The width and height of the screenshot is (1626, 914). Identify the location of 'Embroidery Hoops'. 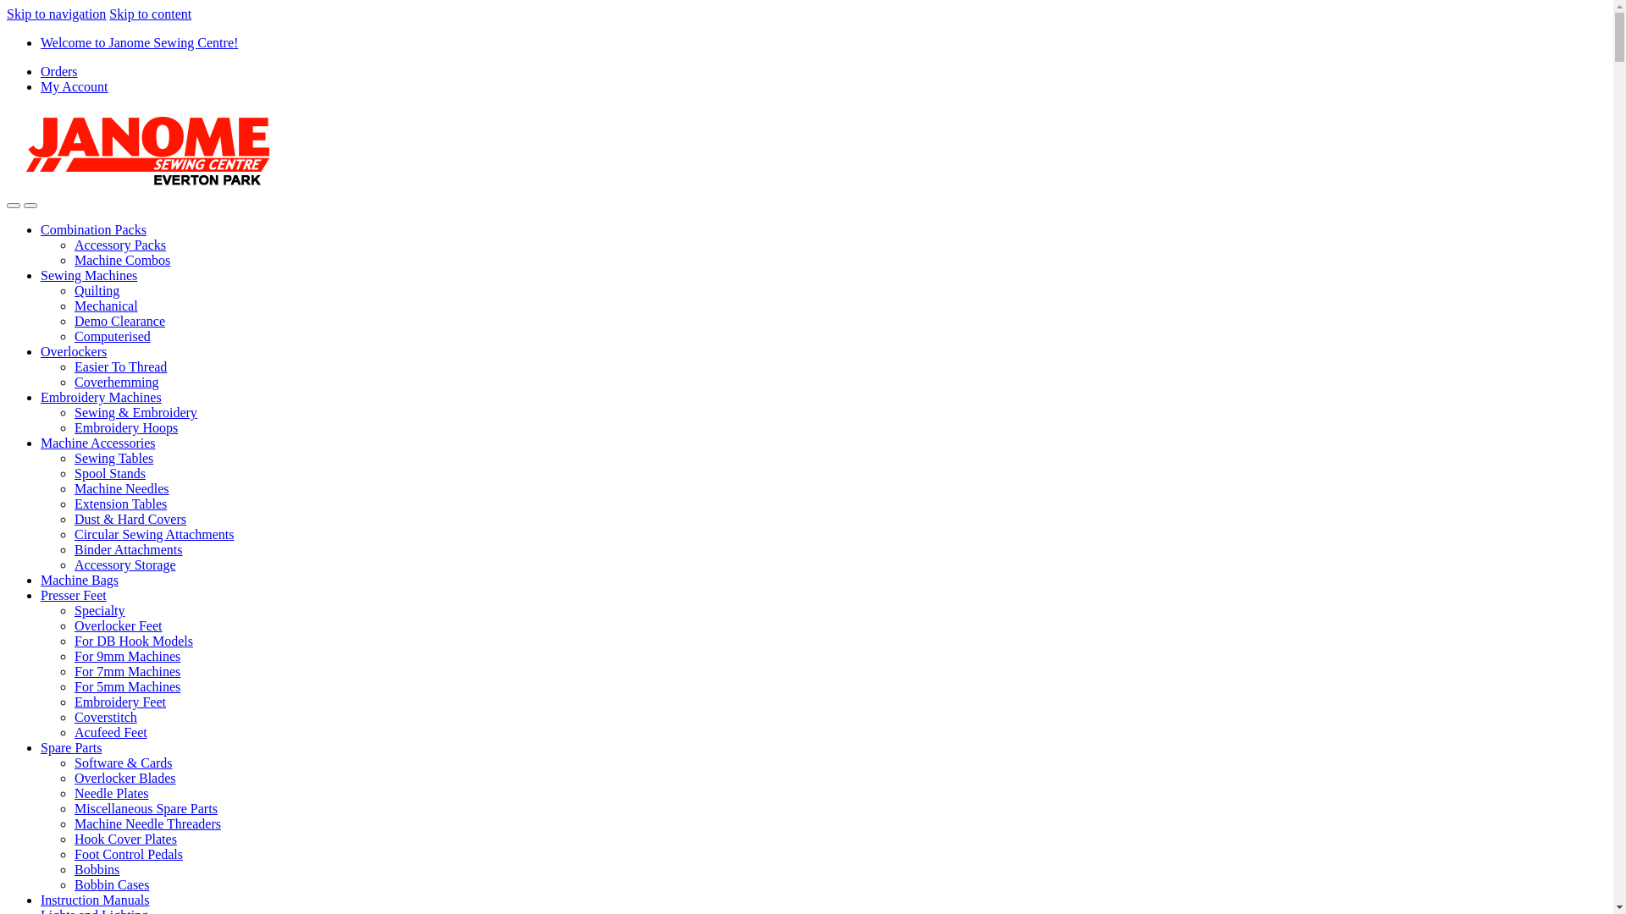
(73, 427).